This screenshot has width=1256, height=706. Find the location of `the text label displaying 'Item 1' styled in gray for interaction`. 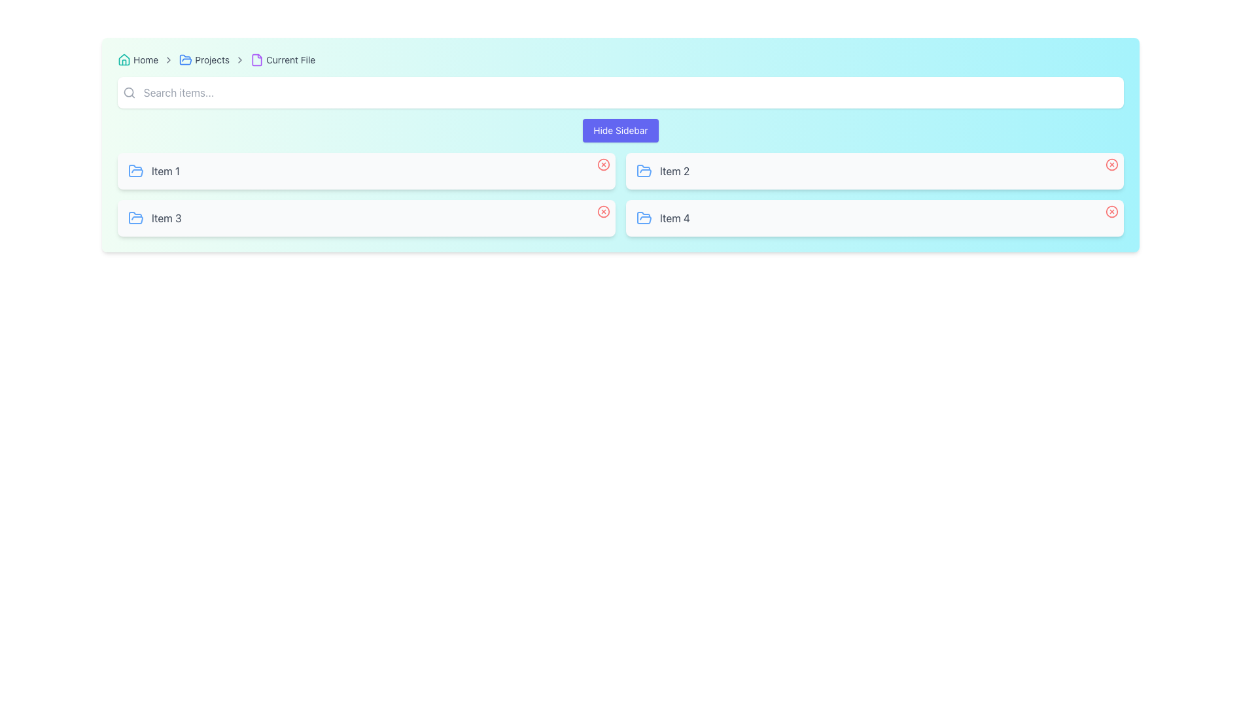

the text label displaying 'Item 1' styled in gray for interaction is located at coordinates (165, 171).